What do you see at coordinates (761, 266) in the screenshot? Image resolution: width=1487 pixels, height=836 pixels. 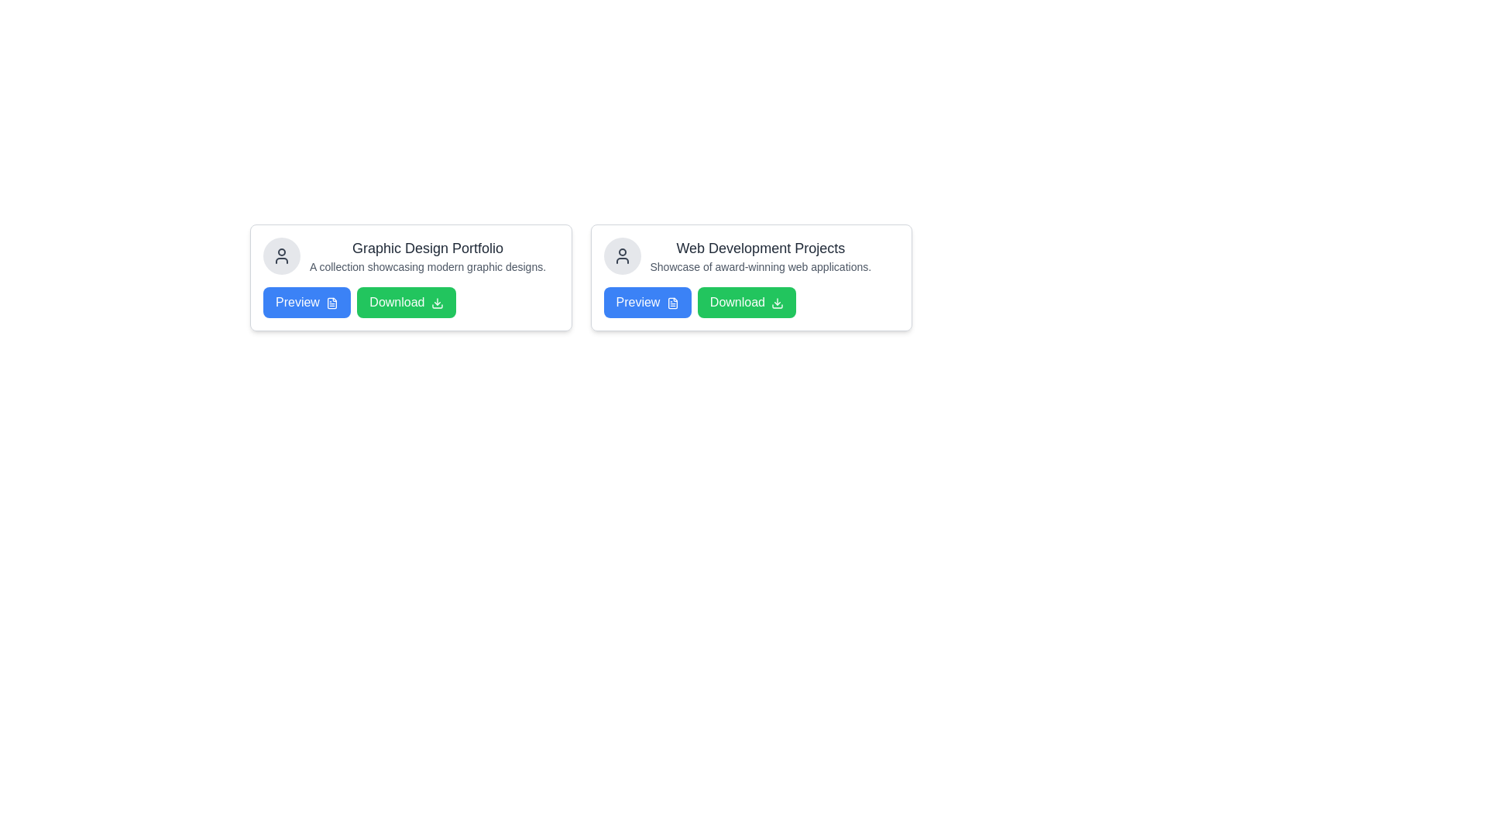 I see `text block located below the 'Web Development Projects' title, which provides additional context about the section` at bounding box center [761, 266].